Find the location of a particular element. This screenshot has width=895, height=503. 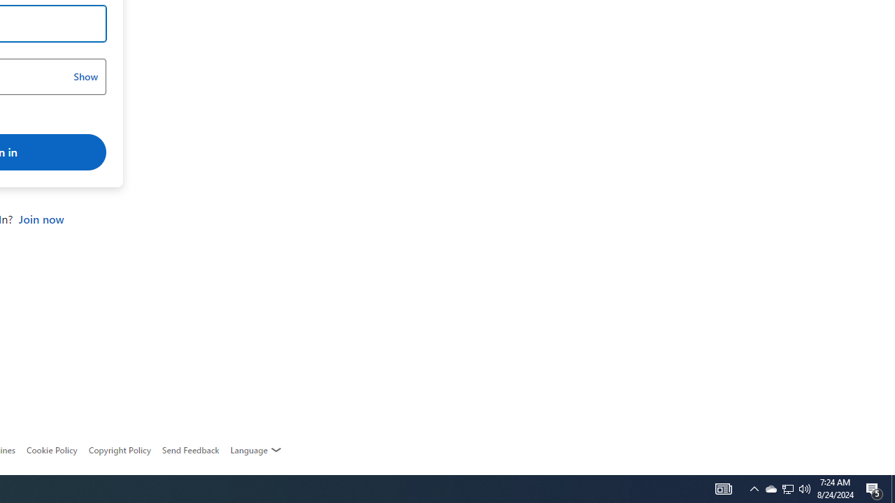

'Copyright Policy' is located at coordinates (119, 450).